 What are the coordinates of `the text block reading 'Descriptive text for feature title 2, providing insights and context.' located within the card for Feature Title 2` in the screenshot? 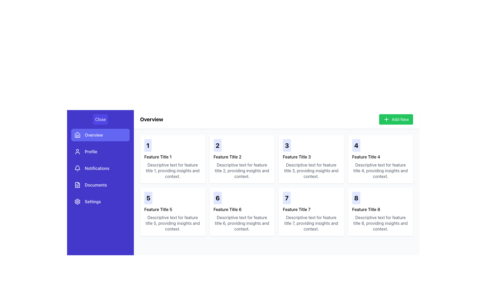 It's located at (242, 170).